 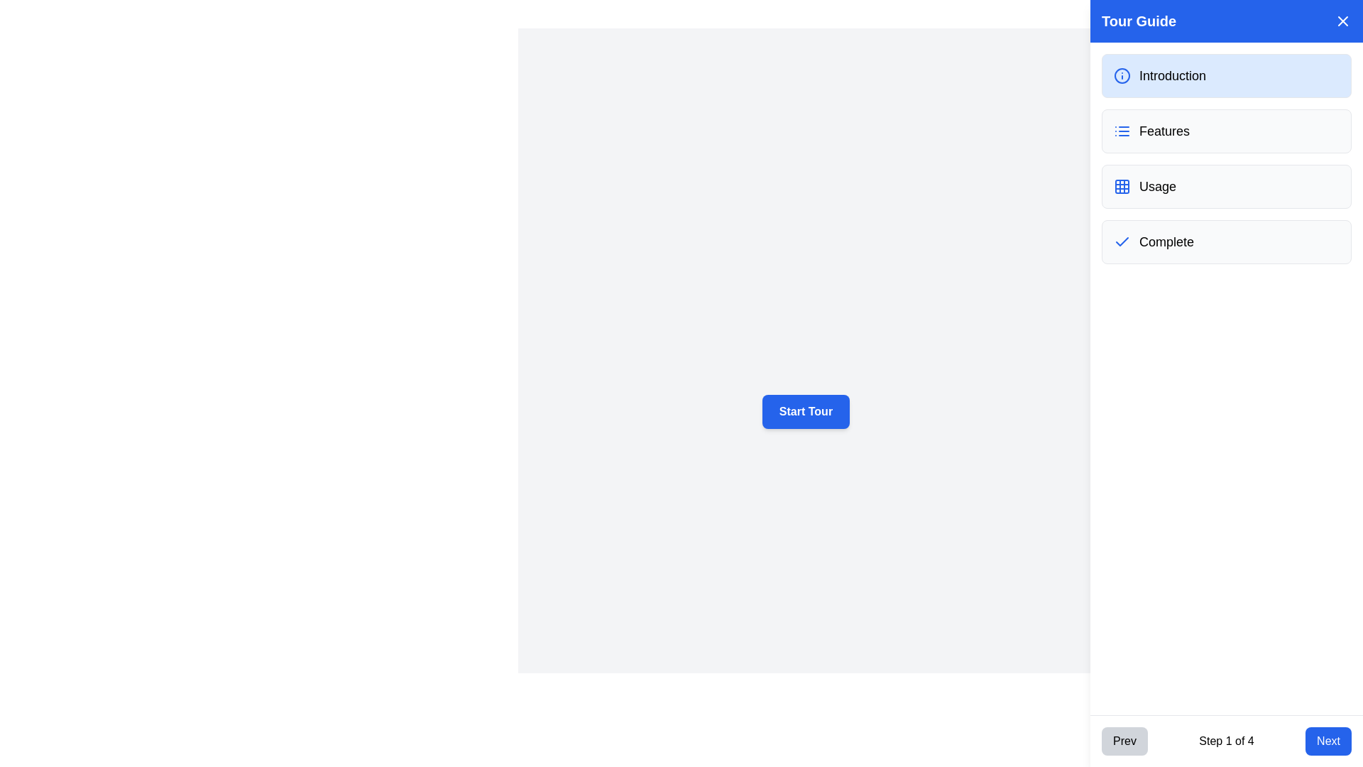 What do you see at coordinates (1226, 185) in the screenshot?
I see `the 'Usage' navigation button located in the right panel titled 'Tour Guide', which is the third option in the vertical navigation list` at bounding box center [1226, 185].